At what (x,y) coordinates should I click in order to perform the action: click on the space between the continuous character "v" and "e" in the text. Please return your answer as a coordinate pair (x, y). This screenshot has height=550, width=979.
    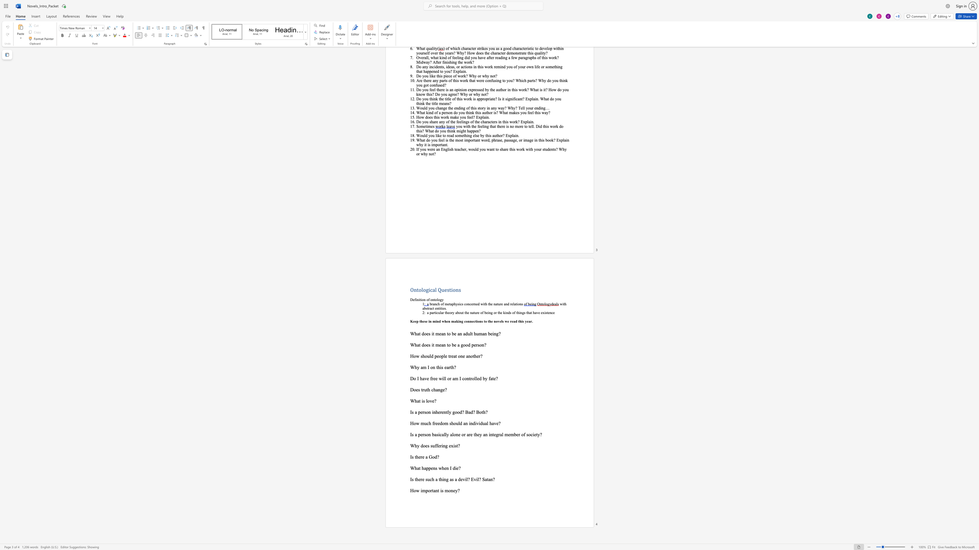
    Looking at the image, I should click on (432, 400).